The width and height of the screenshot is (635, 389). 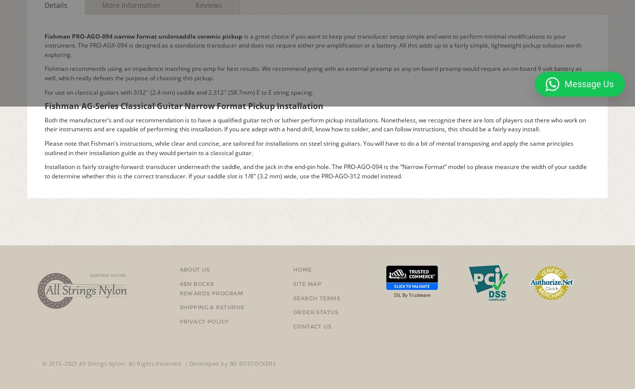 What do you see at coordinates (307, 283) in the screenshot?
I see `'Site Map'` at bounding box center [307, 283].